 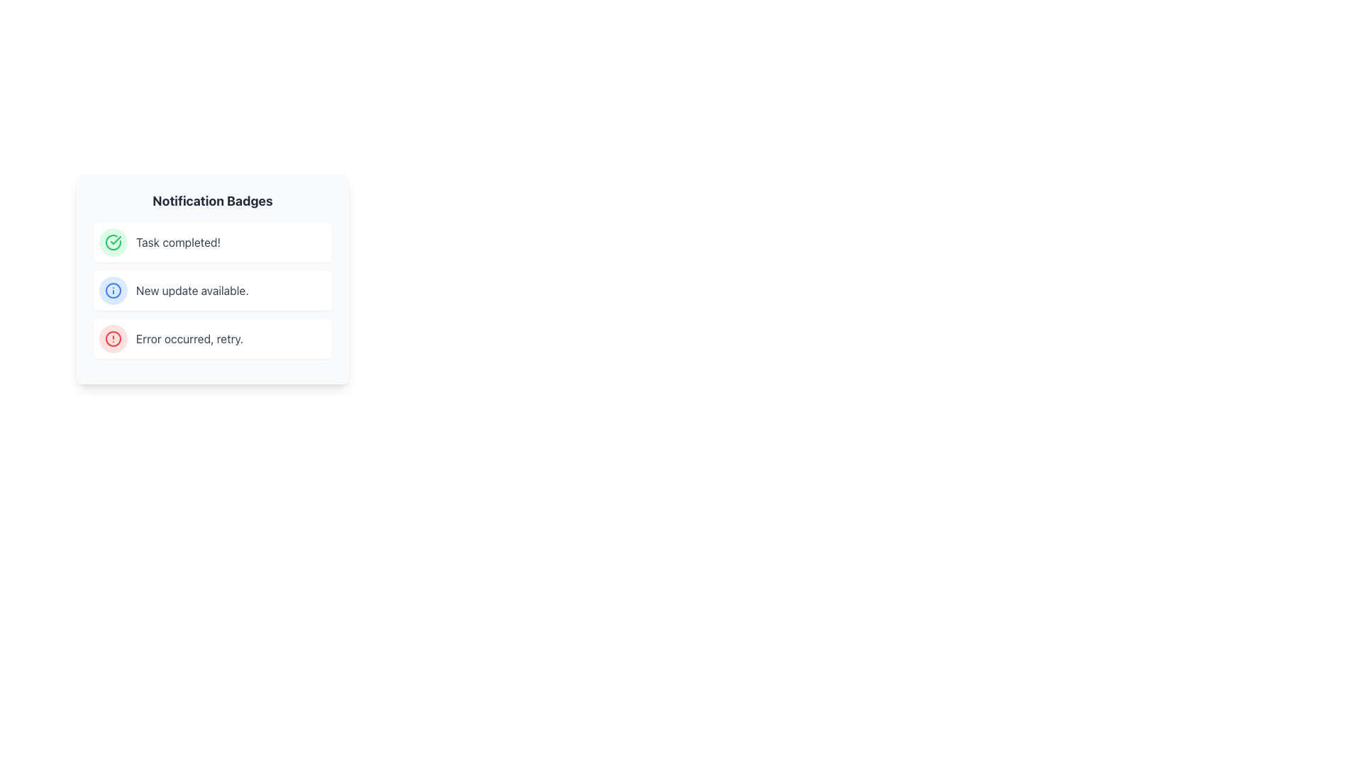 What do you see at coordinates (112, 289) in the screenshot?
I see `the circular information icon with a light blue background located to the left of the text 'New update available.' in the notification badge` at bounding box center [112, 289].